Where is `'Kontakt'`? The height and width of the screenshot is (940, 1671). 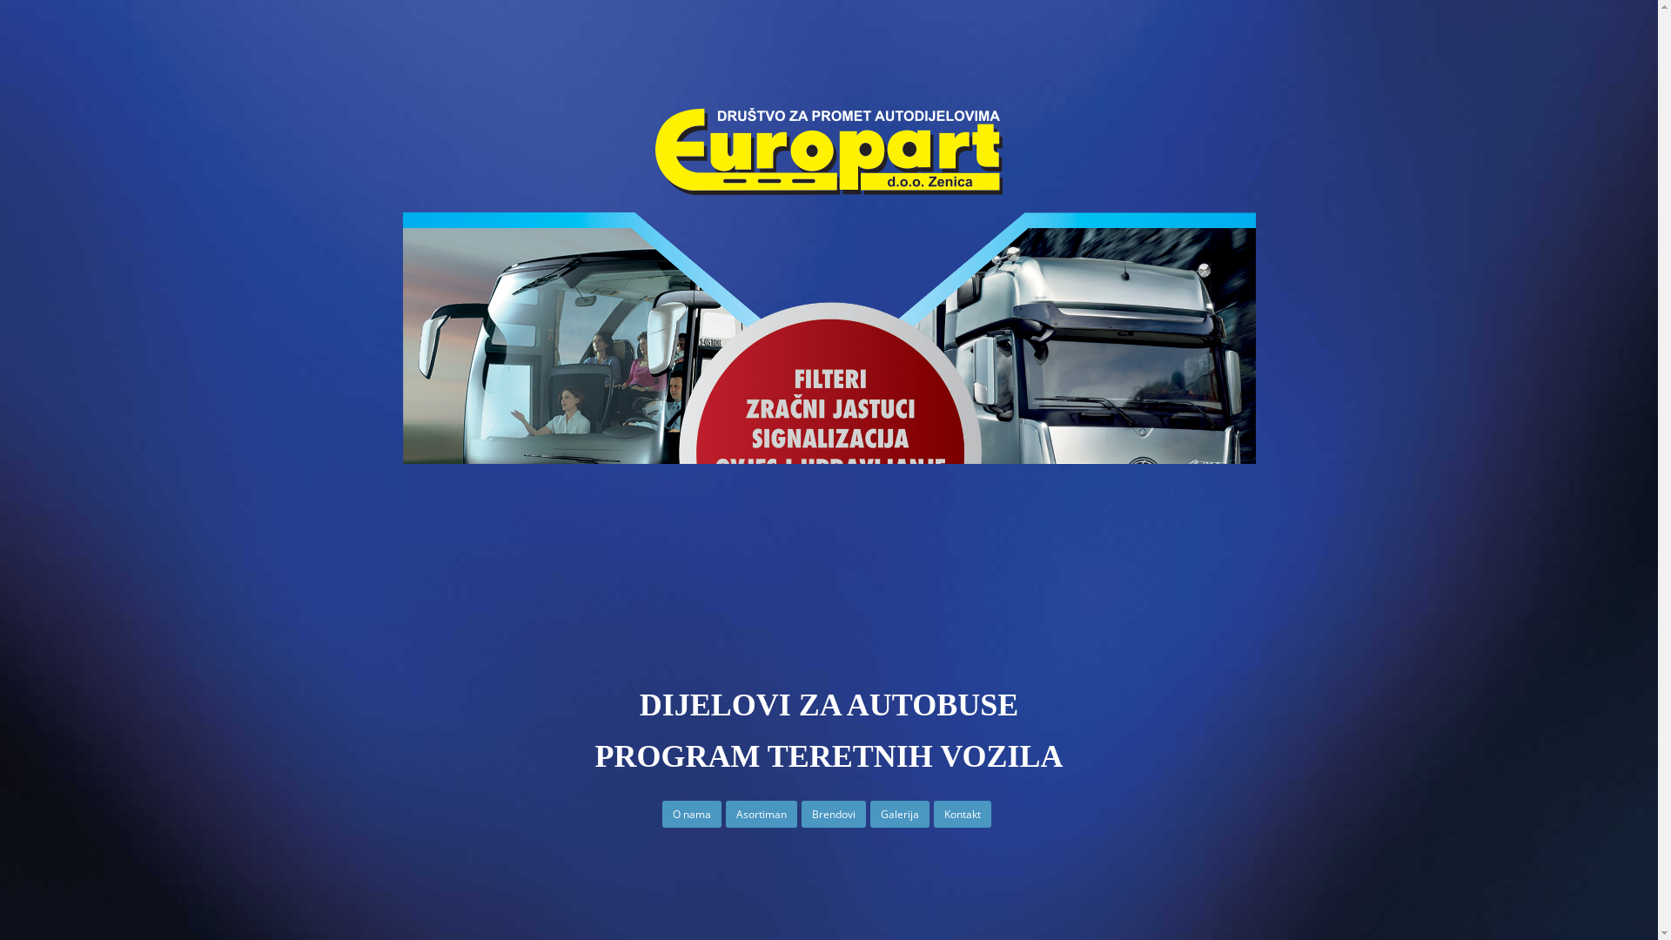
'Kontakt' is located at coordinates (961, 815).